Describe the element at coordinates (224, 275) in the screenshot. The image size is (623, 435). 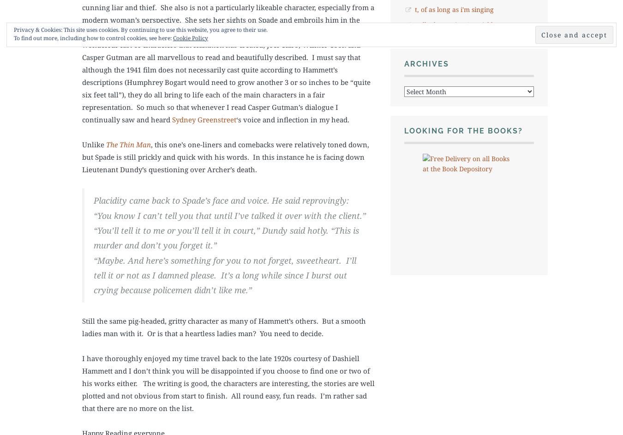
I see `'“Maybe. And here’s something for you to not forget, sweetheart.  I’ll tell it or not as I damned please.  It’s a long while since I burst out crying because policemen didn’t like me.”'` at that location.